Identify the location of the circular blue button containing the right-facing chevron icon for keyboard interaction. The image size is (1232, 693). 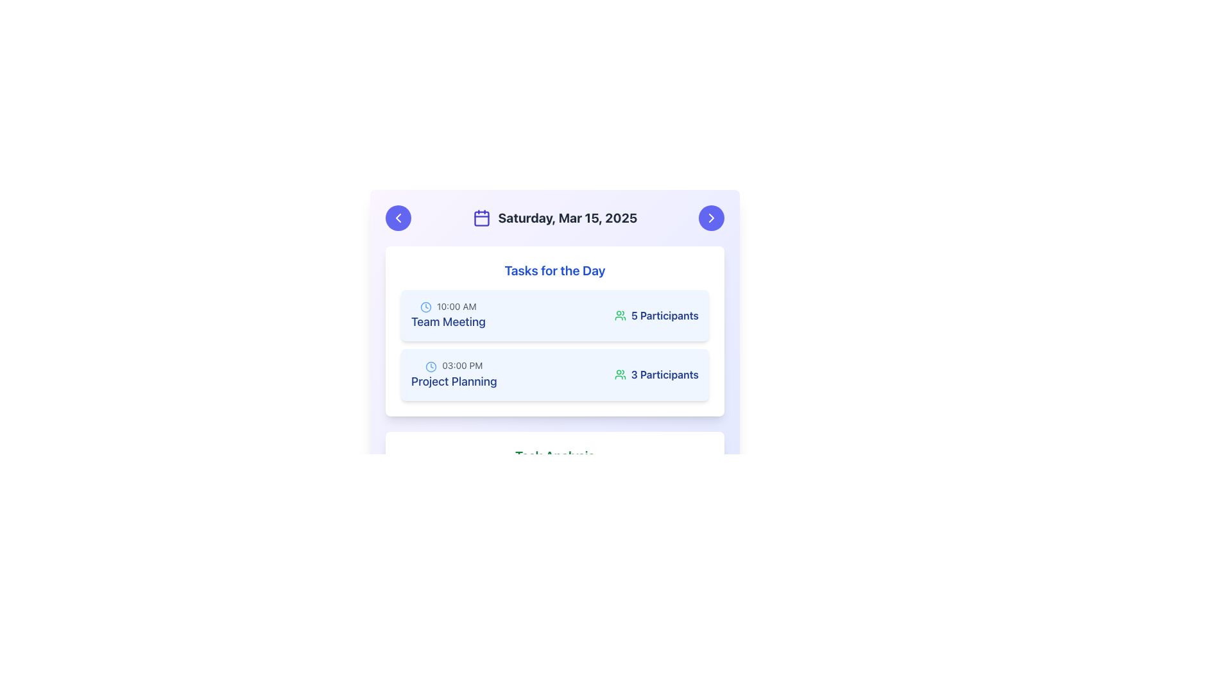
(710, 217).